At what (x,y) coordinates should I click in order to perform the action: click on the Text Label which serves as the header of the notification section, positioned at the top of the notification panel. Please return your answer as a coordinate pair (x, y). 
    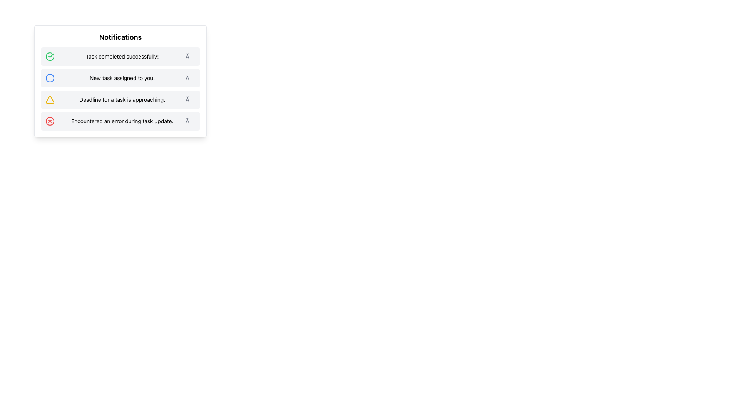
    Looking at the image, I should click on (120, 37).